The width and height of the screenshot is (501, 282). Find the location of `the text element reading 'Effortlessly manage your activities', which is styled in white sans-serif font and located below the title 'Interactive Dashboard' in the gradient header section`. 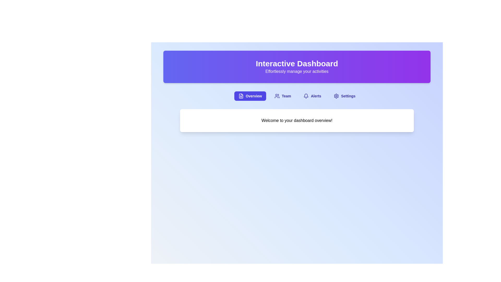

the text element reading 'Effortlessly manage your activities', which is styled in white sans-serif font and located below the title 'Interactive Dashboard' in the gradient header section is located at coordinates (297, 71).